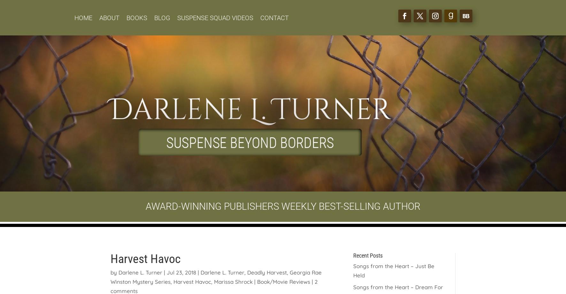  What do you see at coordinates (267, 272) in the screenshot?
I see `'Deadly Harvest'` at bounding box center [267, 272].